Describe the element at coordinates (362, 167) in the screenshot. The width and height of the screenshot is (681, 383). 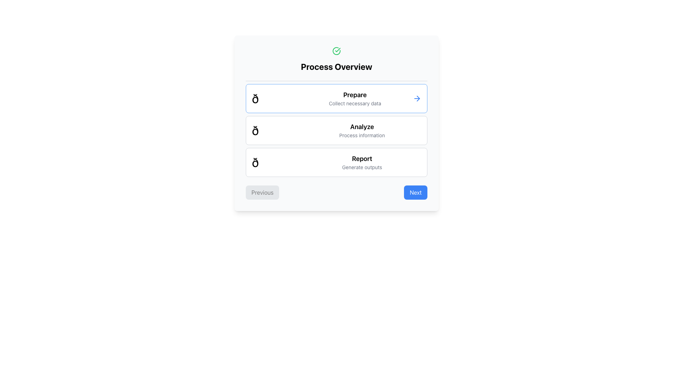
I see `the text label element that reads 'Generate outputs', styled in gray and located below the bold text 'Report'` at that location.